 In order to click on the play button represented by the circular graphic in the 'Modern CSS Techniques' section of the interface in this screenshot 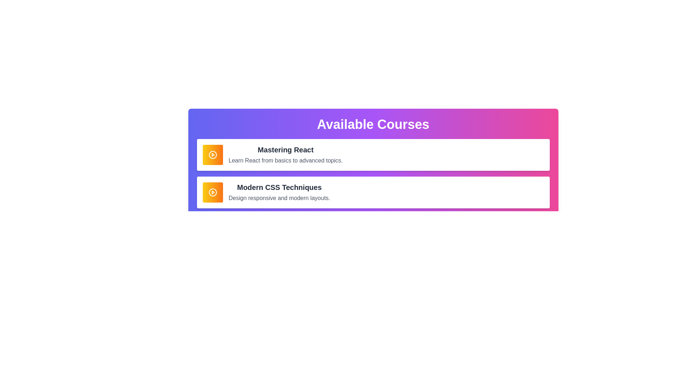, I will do `click(212, 154)`.